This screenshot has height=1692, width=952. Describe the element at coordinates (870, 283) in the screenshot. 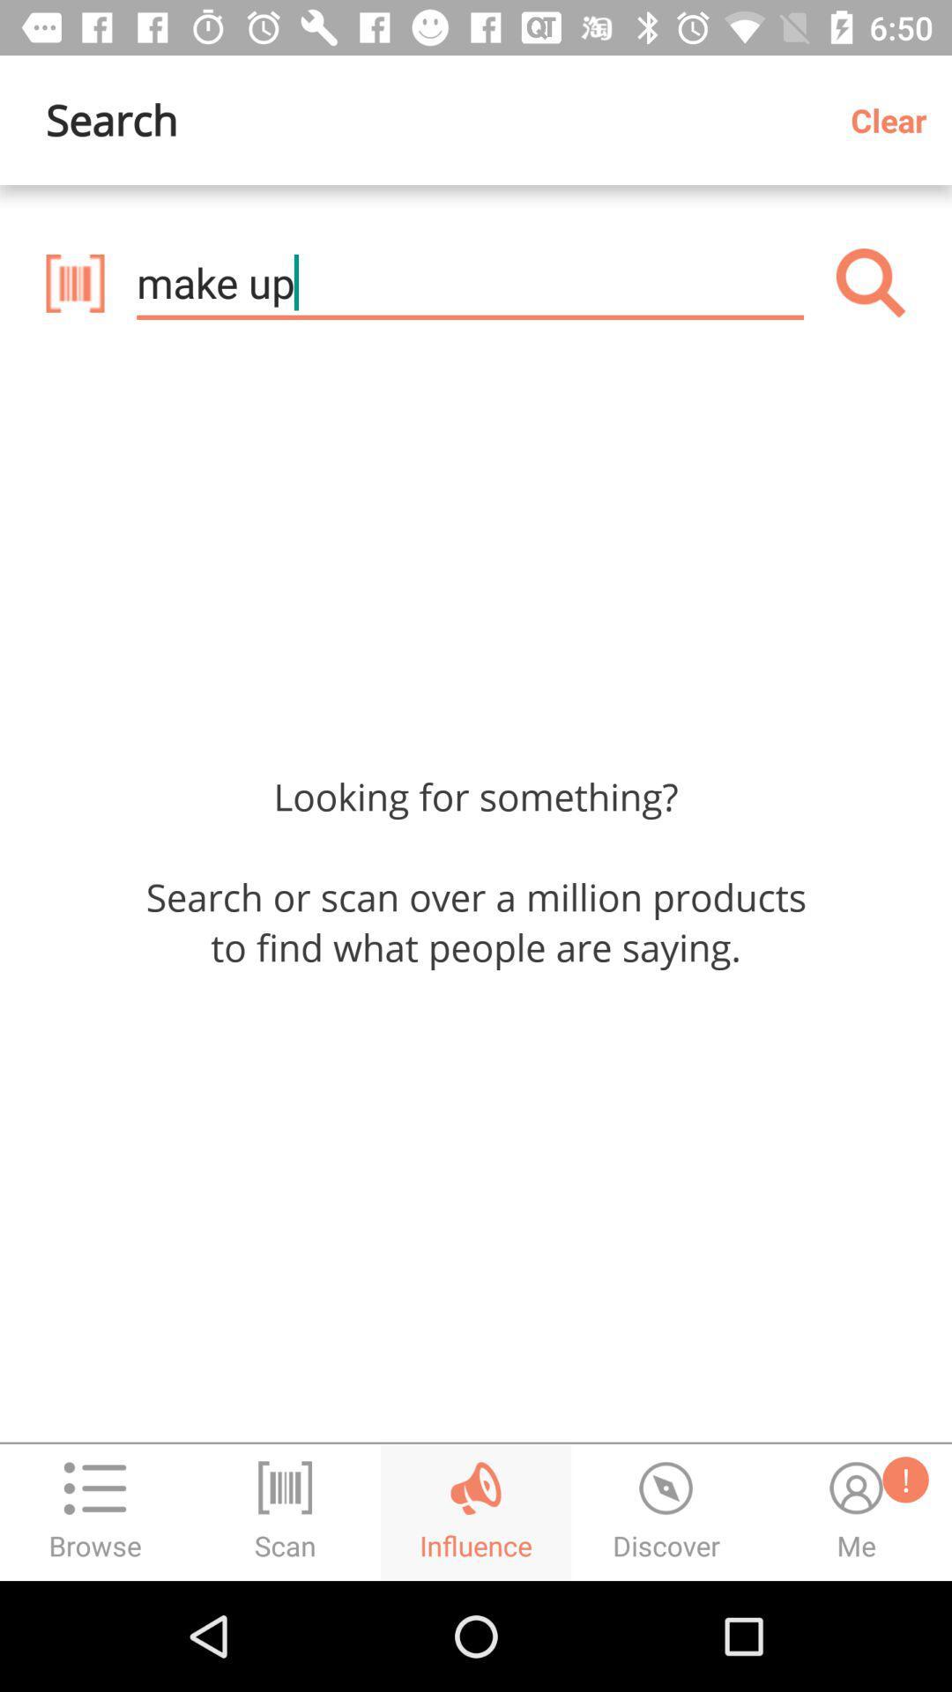

I see `the item next to make up item` at that location.